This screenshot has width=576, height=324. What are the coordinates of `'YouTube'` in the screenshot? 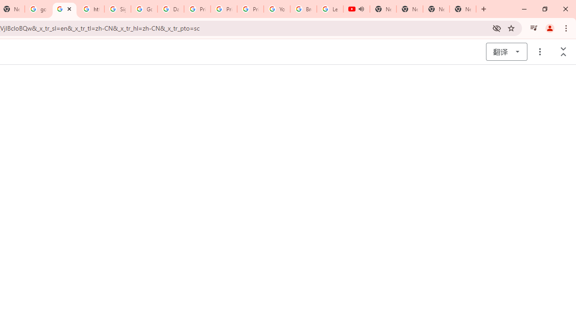 It's located at (276, 9).